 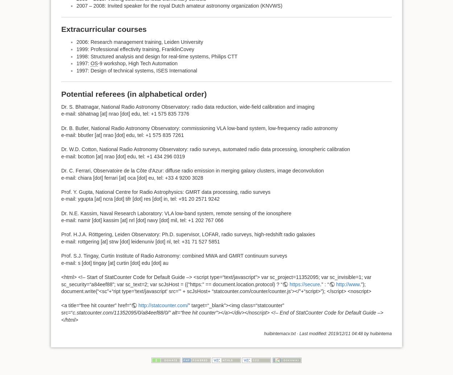 I want to click on 'huibintemacv.txt', so click(x=280, y=333).